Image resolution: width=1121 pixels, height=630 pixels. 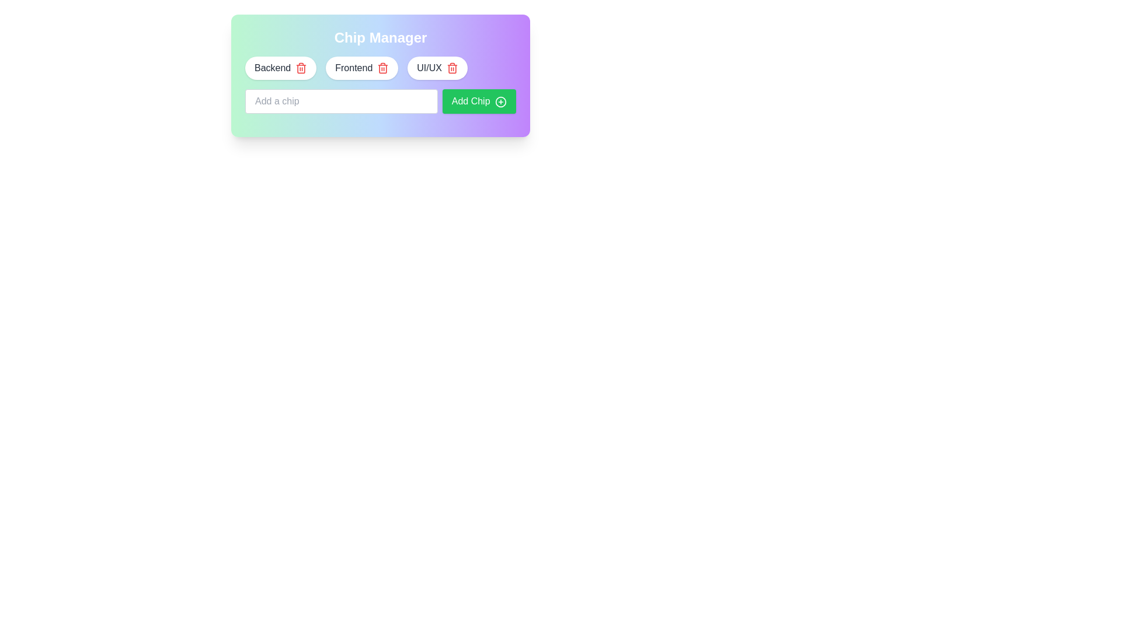 What do you see at coordinates (361, 68) in the screenshot?
I see `the 'Frontend' Chip element, which is a horizontally elongated button with a trash can icon` at bounding box center [361, 68].